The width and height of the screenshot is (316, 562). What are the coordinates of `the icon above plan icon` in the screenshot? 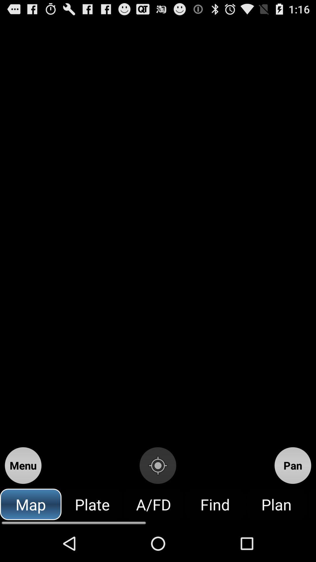 It's located at (293, 465).